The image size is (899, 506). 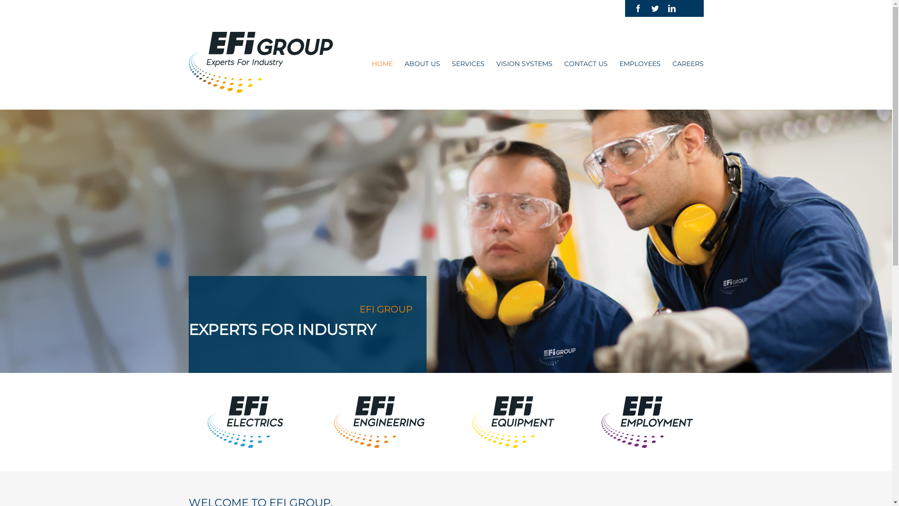 I want to click on 'CAREERS', so click(x=671, y=63).